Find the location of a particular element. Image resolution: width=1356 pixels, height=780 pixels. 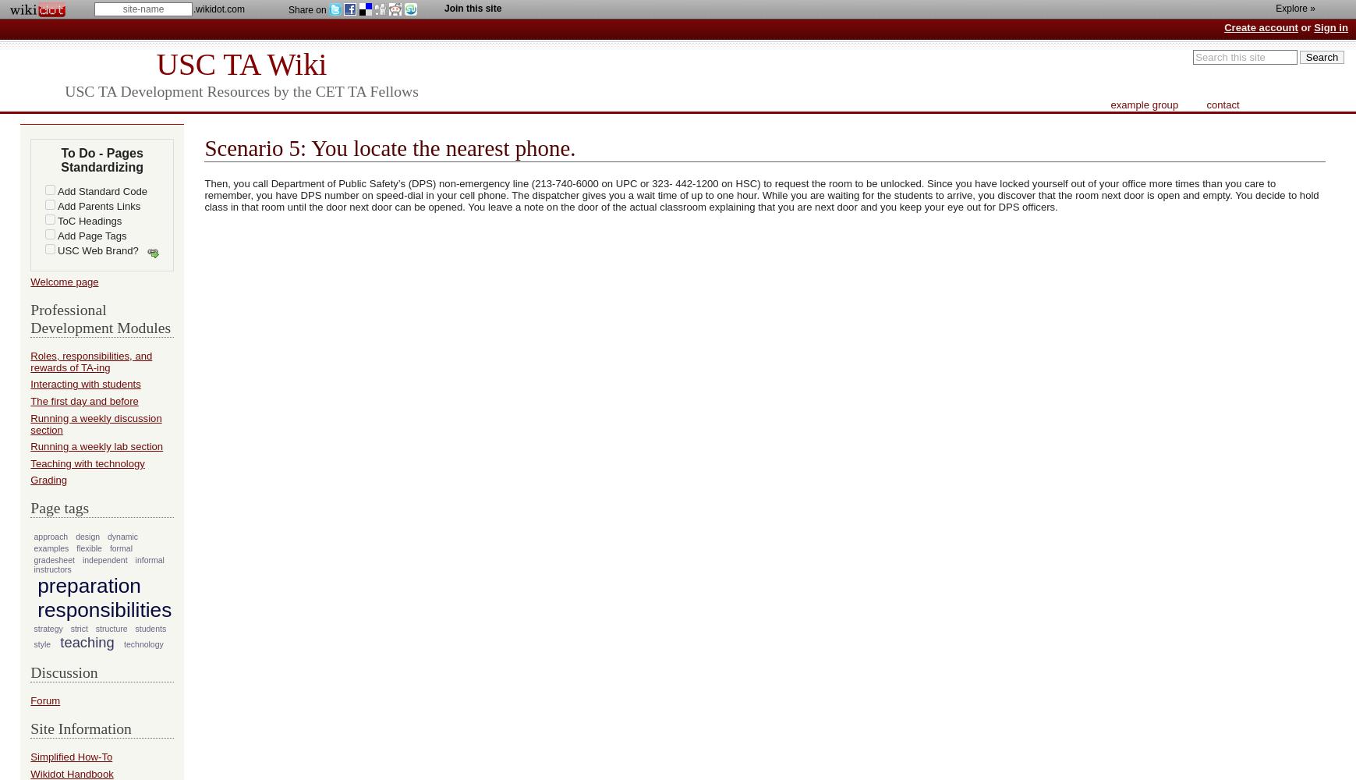

'Join this site' is located at coordinates (444, 9).